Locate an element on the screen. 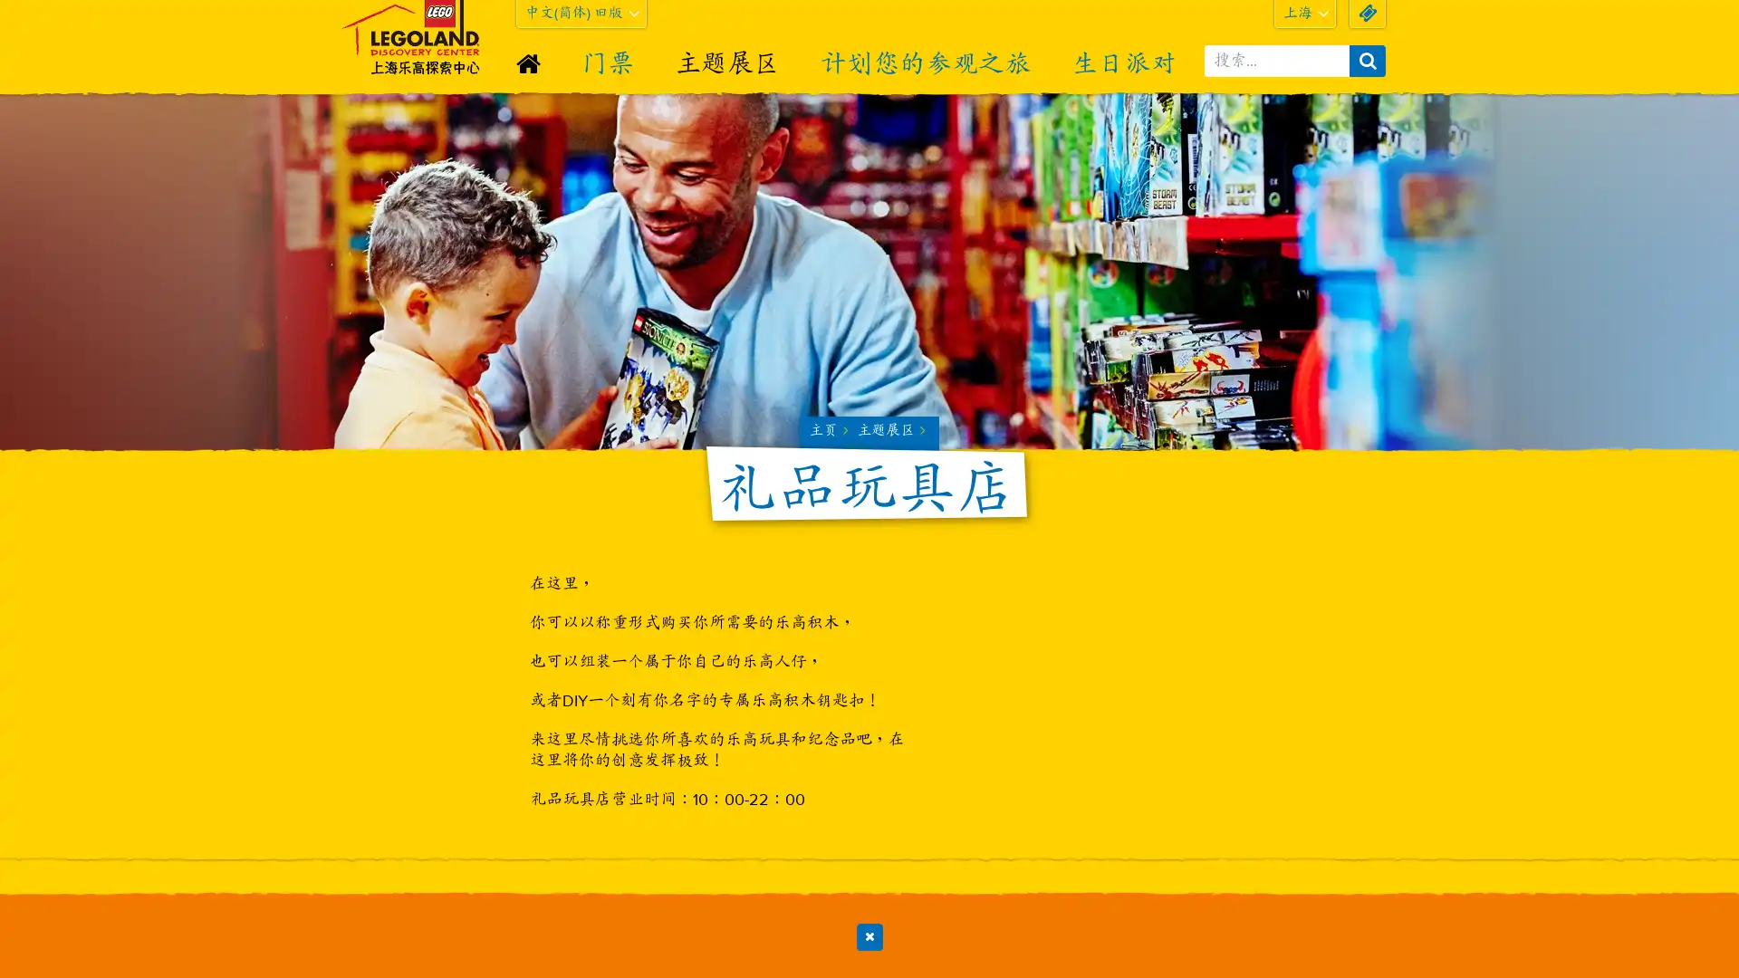  slide left is located at coordinates (367, 910).